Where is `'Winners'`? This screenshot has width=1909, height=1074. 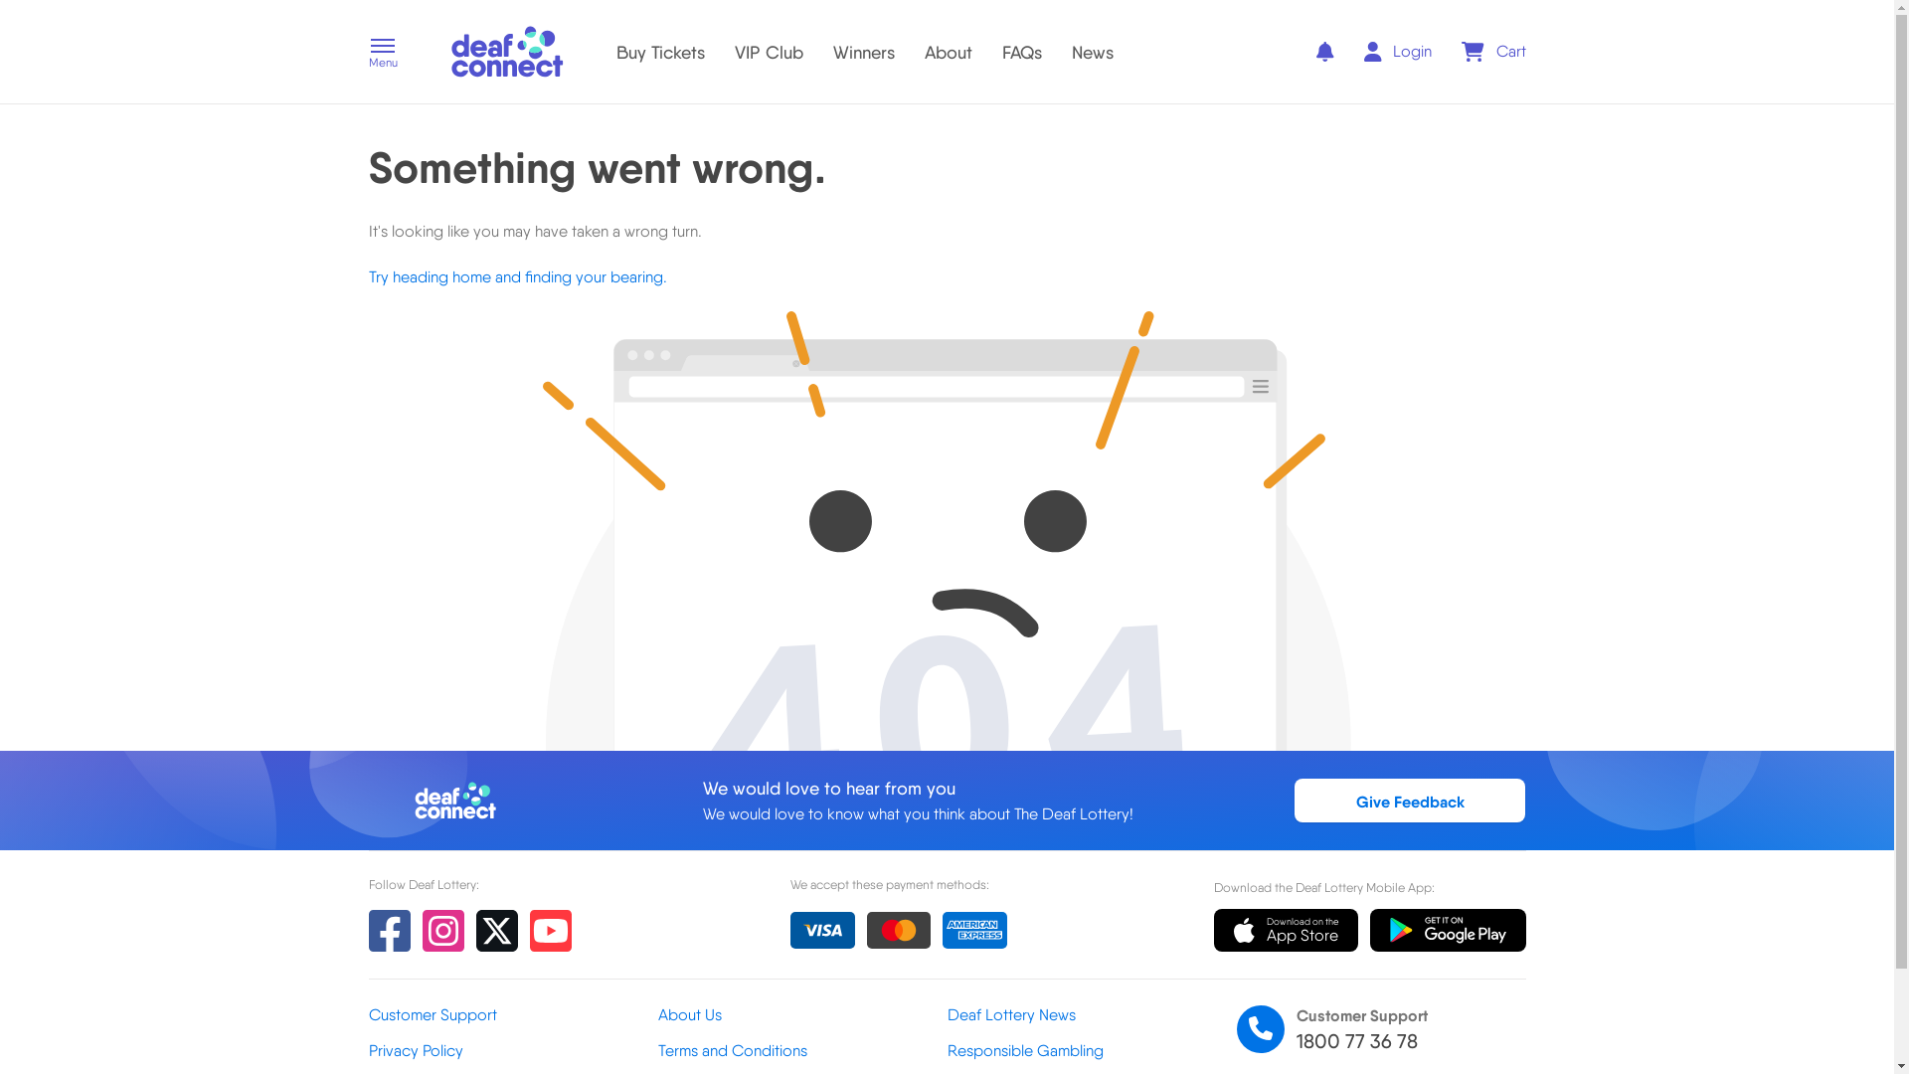
'Winners' is located at coordinates (863, 50).